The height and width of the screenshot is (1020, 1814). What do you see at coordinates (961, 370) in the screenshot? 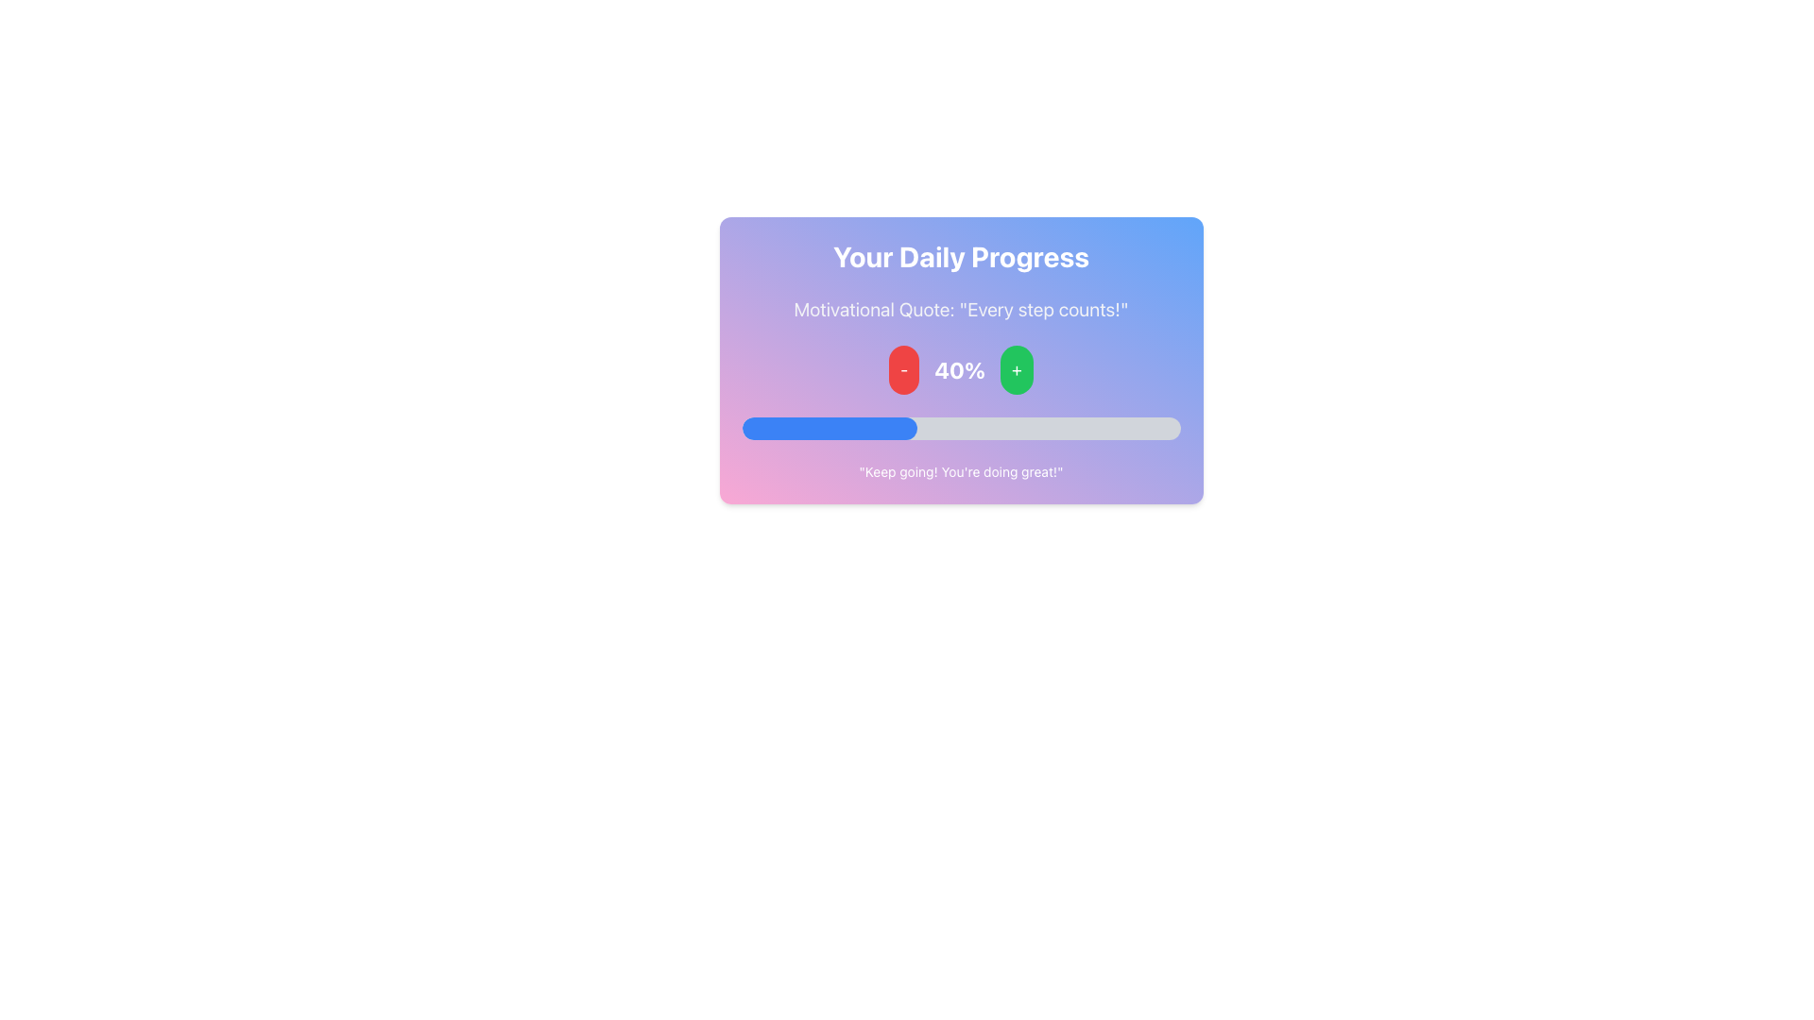
I see `the percentage value displayed in the center of the Interactive control group under 'Your Daily Progress' section` at bounding box center [961, 370].